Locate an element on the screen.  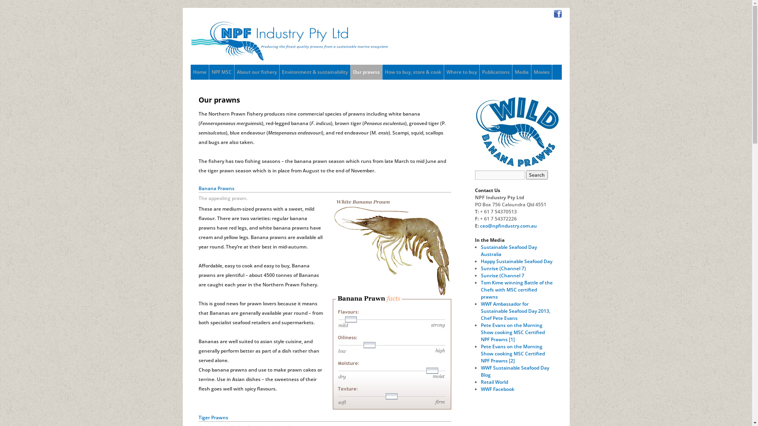
'Sunrise (Channel 7)' is located at coordinates (480, 268).